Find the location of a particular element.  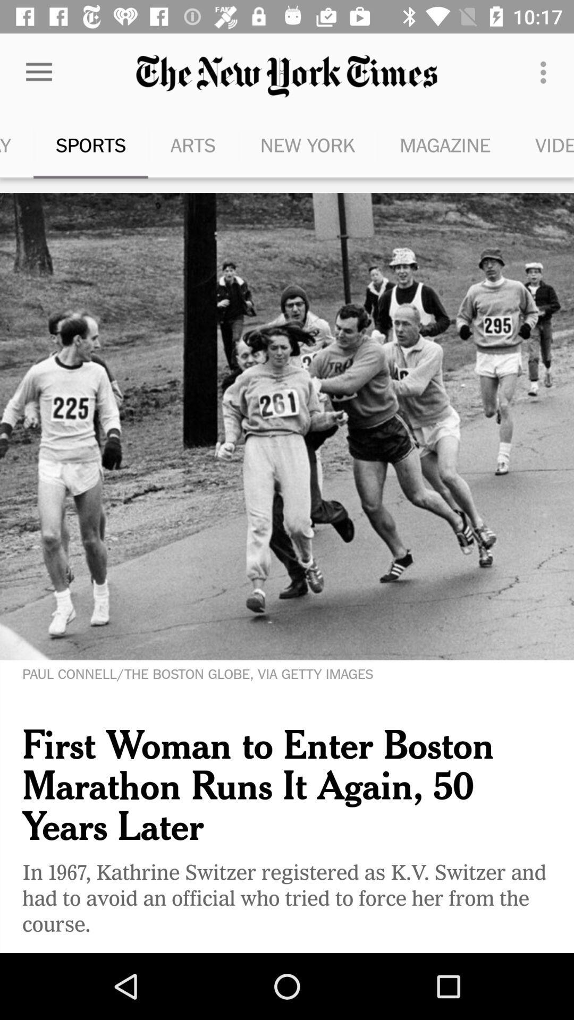

icon next to the video item is located at coordinates (445, 144).